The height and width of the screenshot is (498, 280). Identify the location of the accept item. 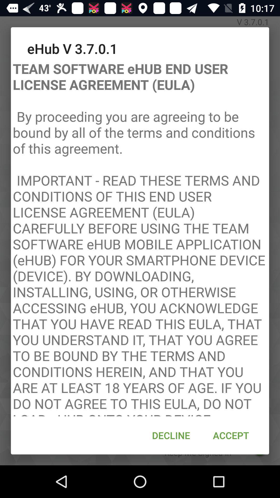
(231, 435).